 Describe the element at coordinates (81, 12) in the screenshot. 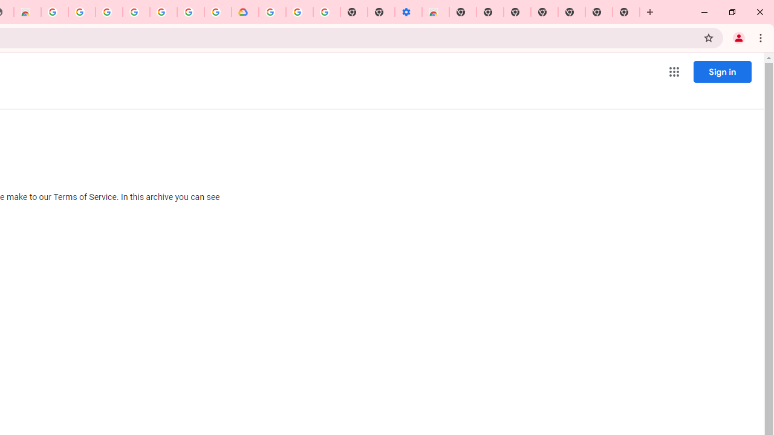

I see `'Ad Settings'` at that location.